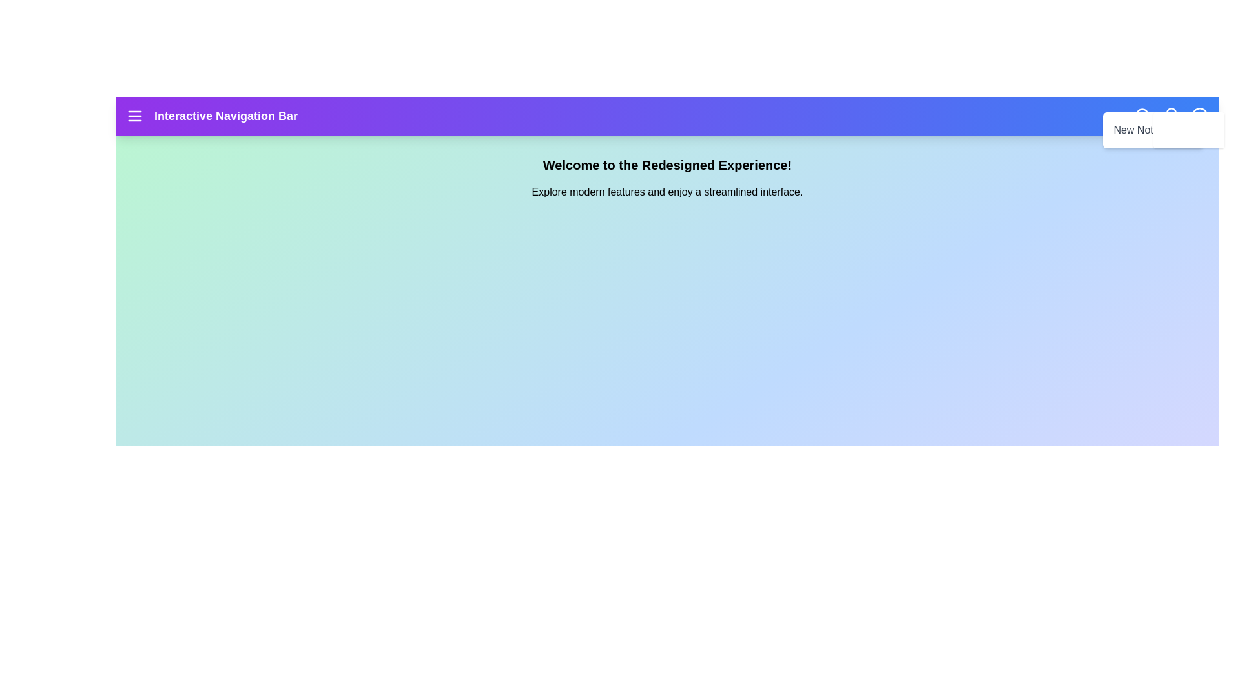  What do you see at coordinates (667, 164) in the screenshot?
I see `the welcome text to focus on it` at bounding box center [667, 164].